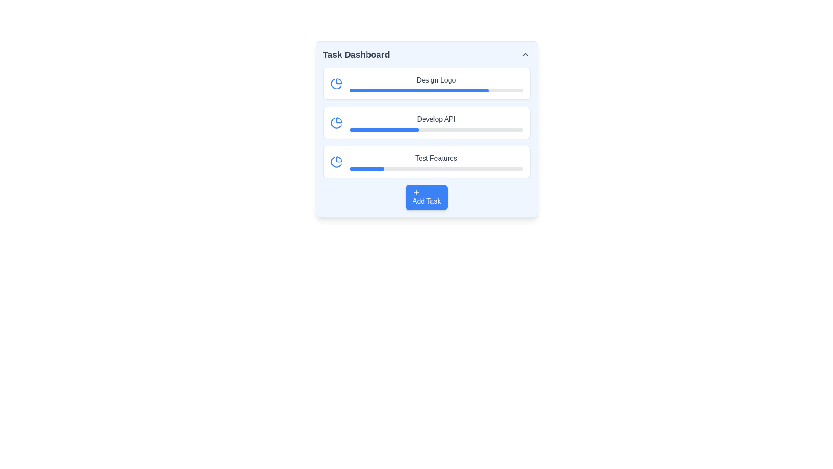 The width and height of the screenshot is (833, 469). Describe the element at coordinates (436, 159) in the screenshot. I see `the 'Test Features' text label in the task dashboard, which is located above the blue progress bar and below the dashboard title` at that location.